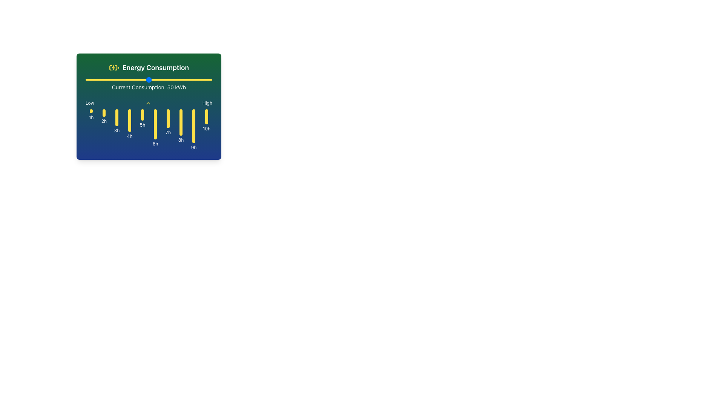 The image size is (724, 407). What do you see at coordinates (181, 140) in the screenshot?
I see `the text label '8h' positioned below the eighth vertical yellow bar` at bounding box center [181, 140].